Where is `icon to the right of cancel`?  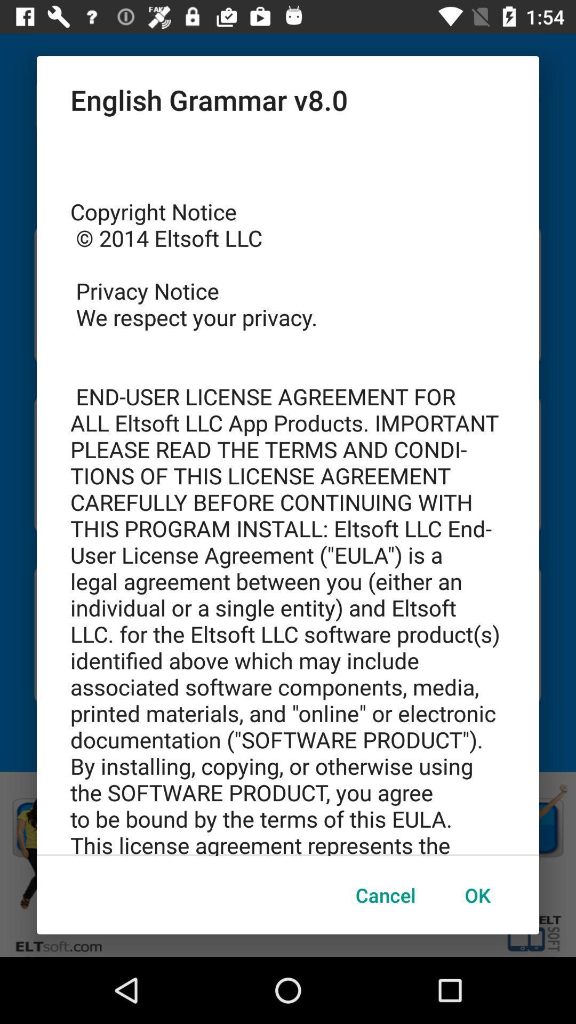
icon to the right of cancel is located at coordinates (477, 895).